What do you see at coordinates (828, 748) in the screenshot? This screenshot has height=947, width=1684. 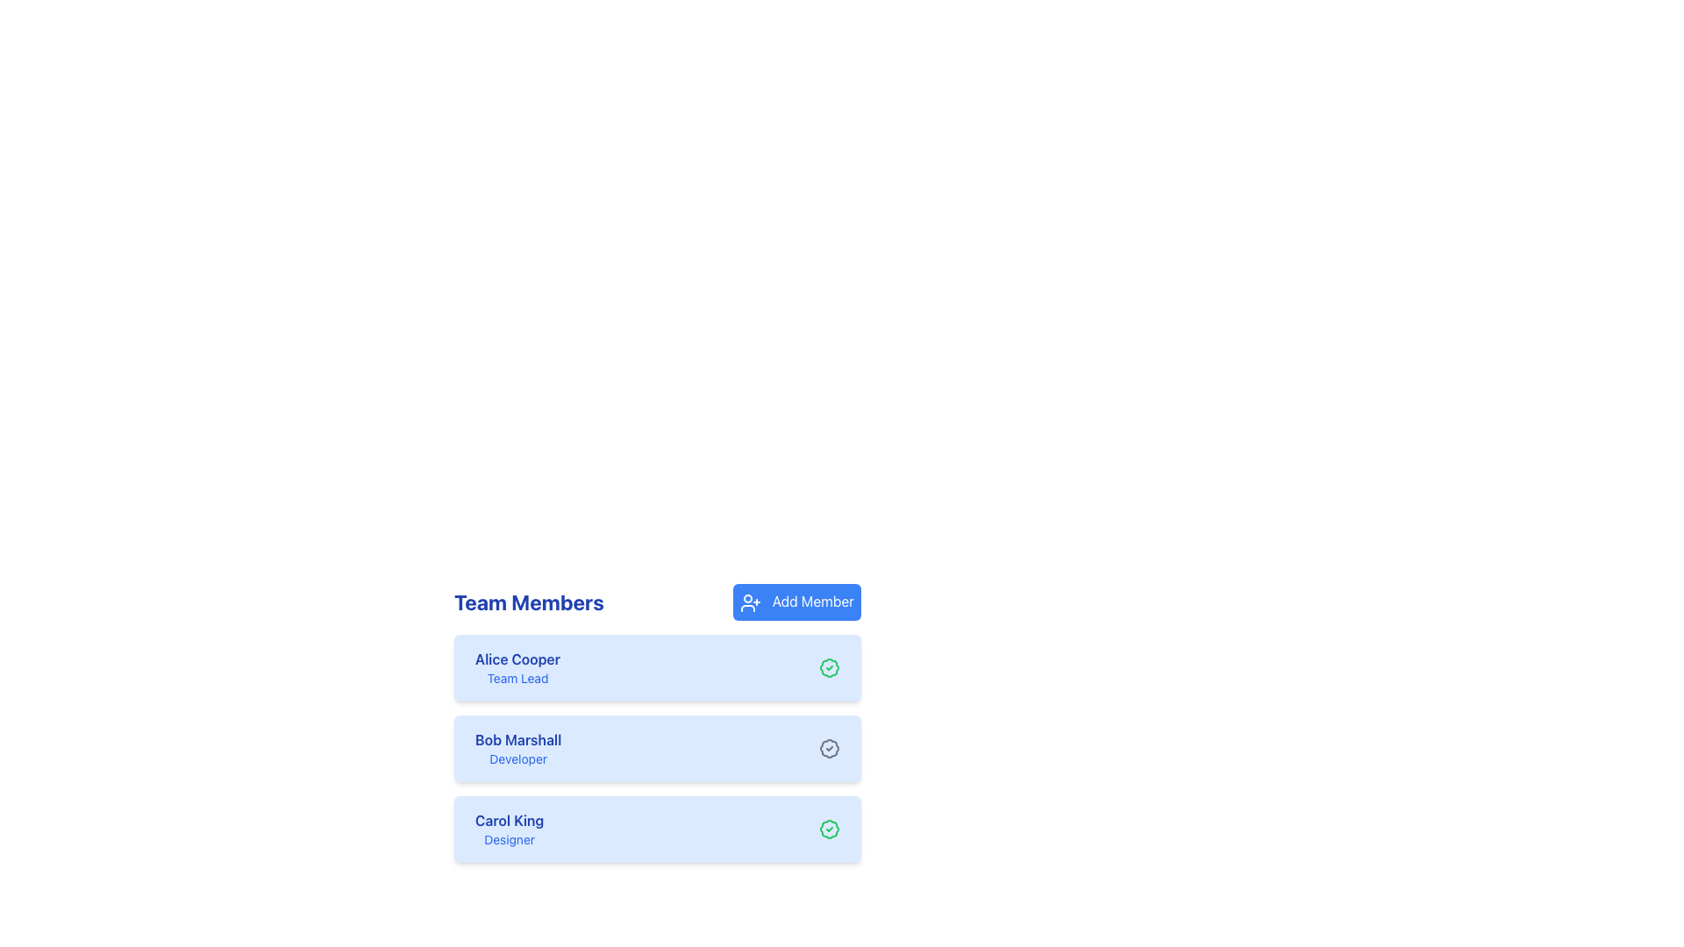 I see `the circular icon with a wavy border next to 'Bob Marshall' in the 'Team Members' section` at bounding box center [828, 748].